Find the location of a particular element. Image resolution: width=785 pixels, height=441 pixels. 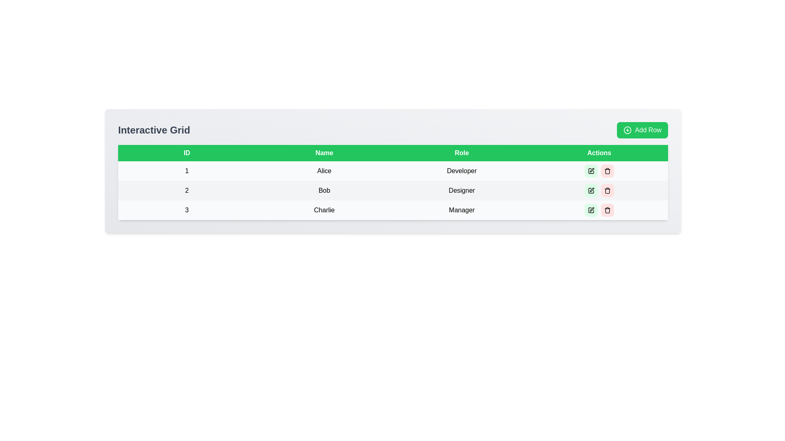

the squared pen-shaped icon in the Actions column for Bob the Designer is located at coordinates (591, 190).